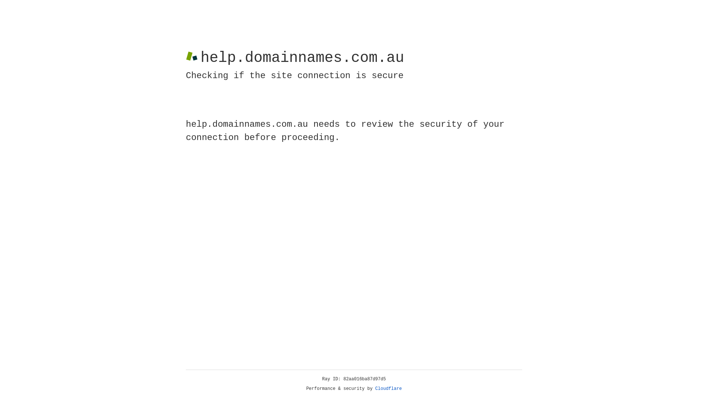 This screenshot has height=398, width=708. Describe the element at coordinates (375, 388) in the screenshot. I see `'Cloudflare'` at that location.